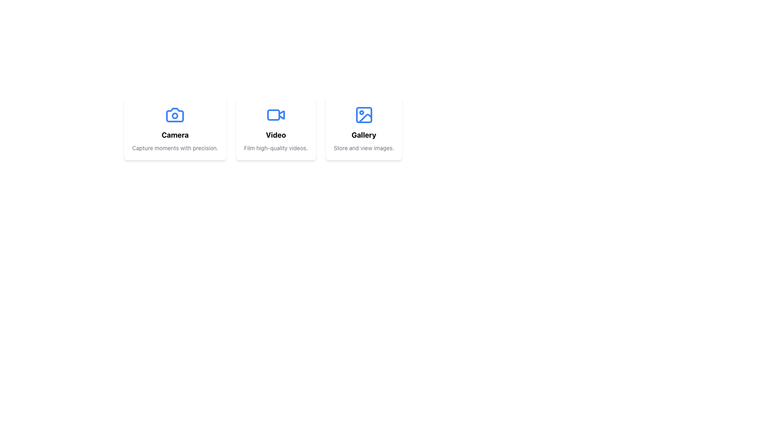 The image size is (776, 436). Describe the element at coordinates (363, 128) in the screenshot. I see `the third card in a horizontal list of cards` at that location.